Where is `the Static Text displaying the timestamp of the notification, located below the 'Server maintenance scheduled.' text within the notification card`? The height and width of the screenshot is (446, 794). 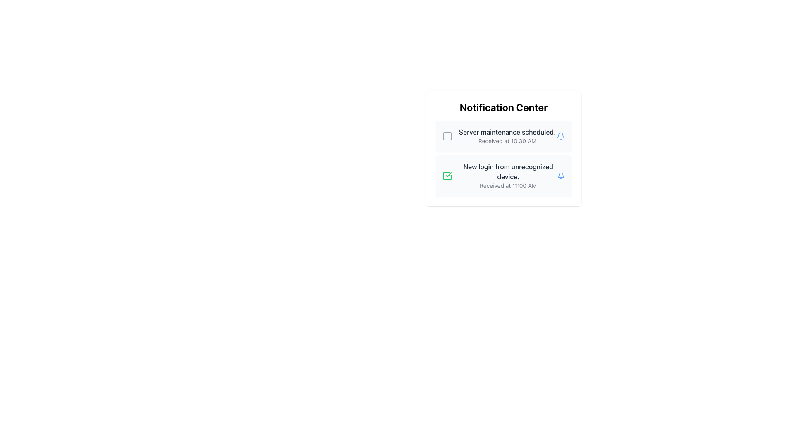 the Static Text displaying the timestamp of the notification, located below the 'Server maintenance scheduled.' text within the notification card is located at coordinates (507, 141).